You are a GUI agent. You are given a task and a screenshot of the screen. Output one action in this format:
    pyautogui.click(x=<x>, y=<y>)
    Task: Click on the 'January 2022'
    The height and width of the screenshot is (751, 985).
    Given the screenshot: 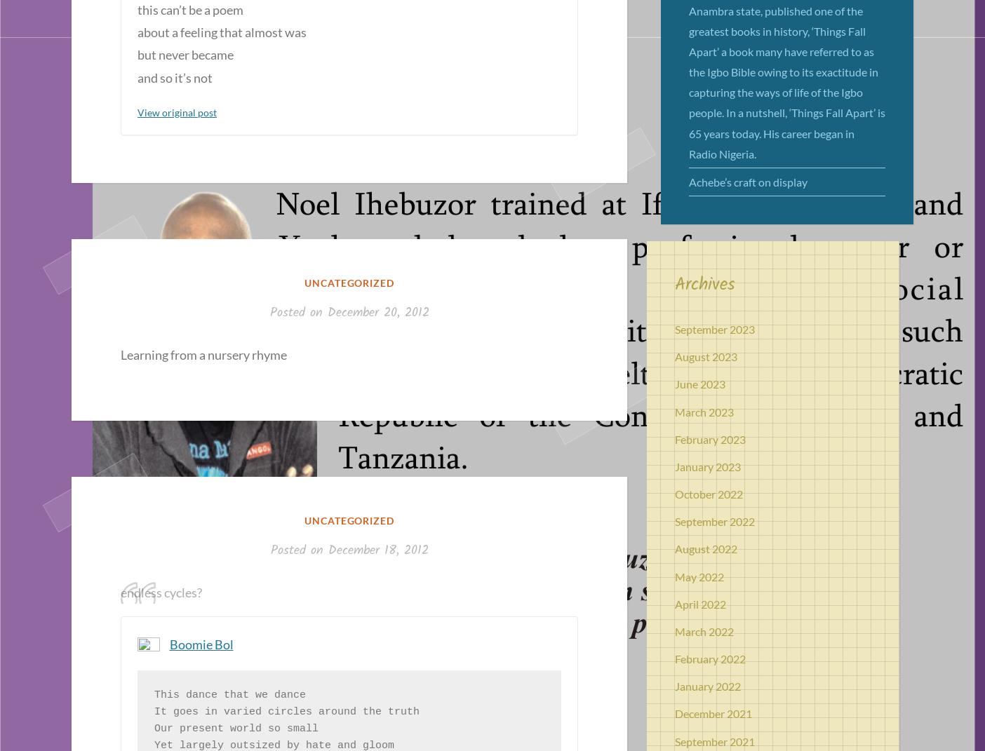 What is the action you would take?
    pyautogui.click(x=708, y=685)
    